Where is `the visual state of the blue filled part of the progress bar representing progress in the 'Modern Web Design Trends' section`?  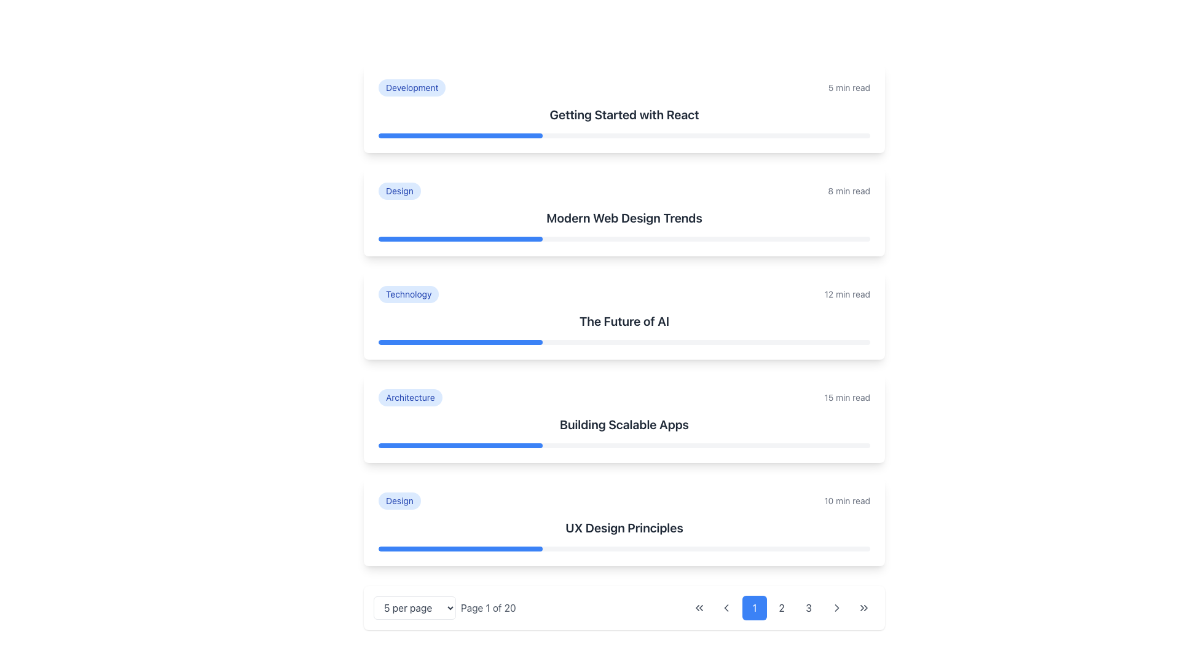 the visual state of the blue filled part of the progress bar representing progress in the 'Modern Web Design Trends' section is located at coordinates (460, 239).